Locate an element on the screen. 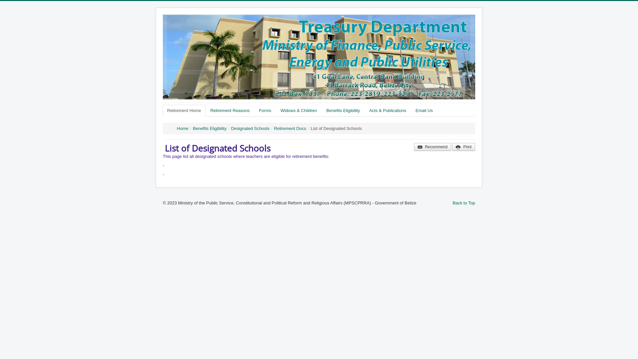  'Back to Top' is located at coordinates (464, 202).